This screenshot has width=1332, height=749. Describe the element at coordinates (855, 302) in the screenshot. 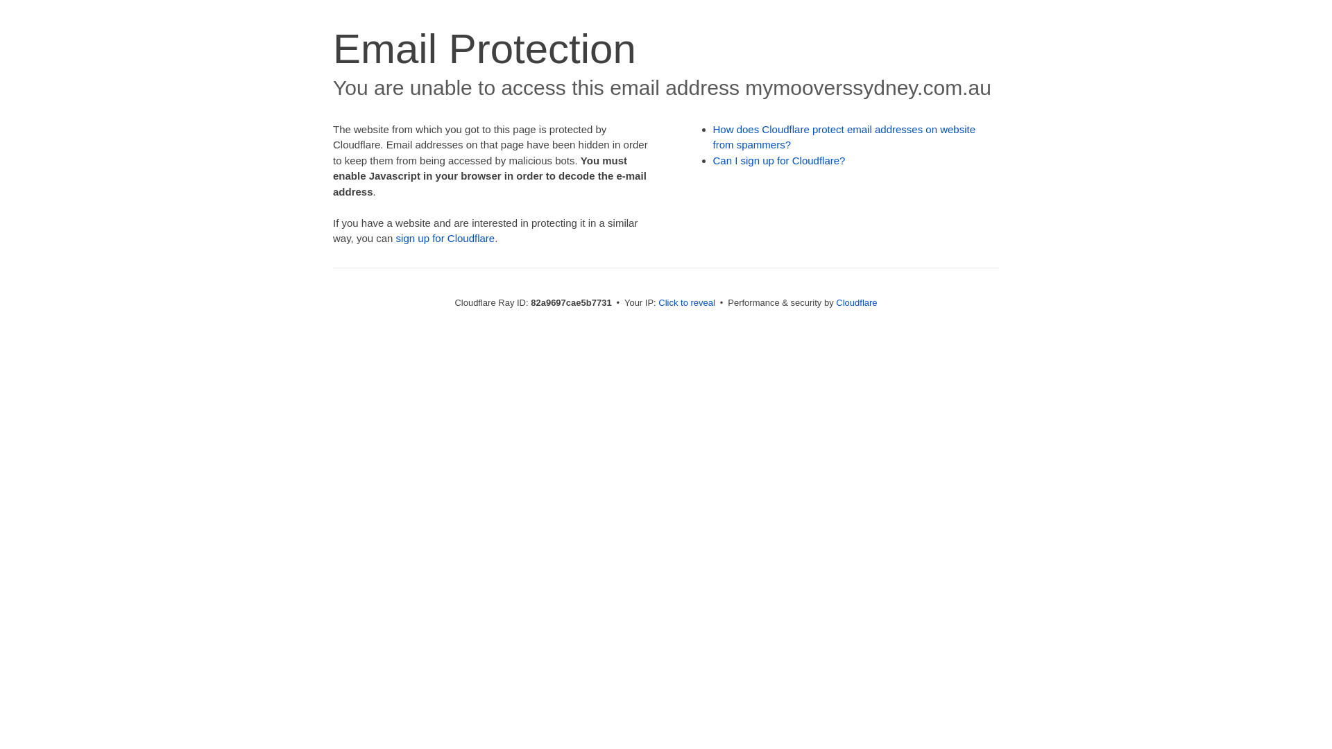

I see `'Cloudflare'` at that location.